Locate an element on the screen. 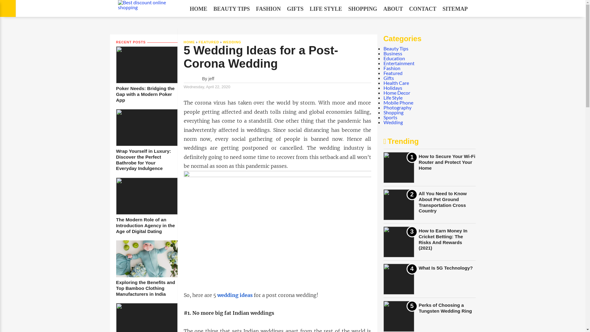 The image size is (590, 332). 'FEATURED' is located at coordinates (209, 42).